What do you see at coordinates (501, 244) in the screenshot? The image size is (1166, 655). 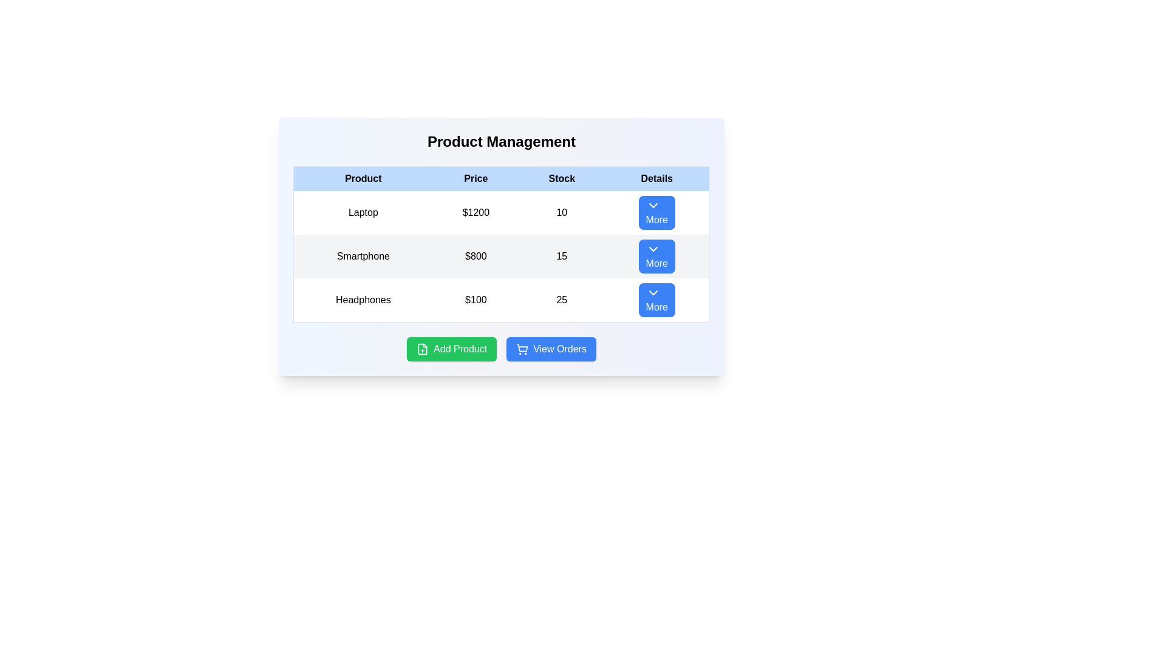 I see `the individual data cells of the product details table located beneath the 'Product Management' title and above the 'Add Product' and 'View Orders' buttons` at bounding box center [501, 244].